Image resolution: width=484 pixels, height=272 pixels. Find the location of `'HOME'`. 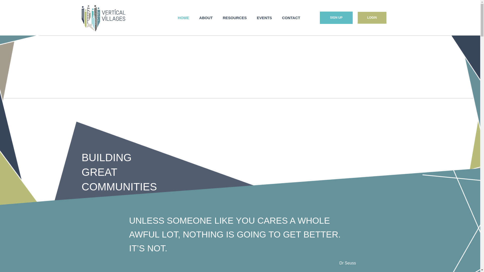

'HOME' is located at coordinates (173, 17).